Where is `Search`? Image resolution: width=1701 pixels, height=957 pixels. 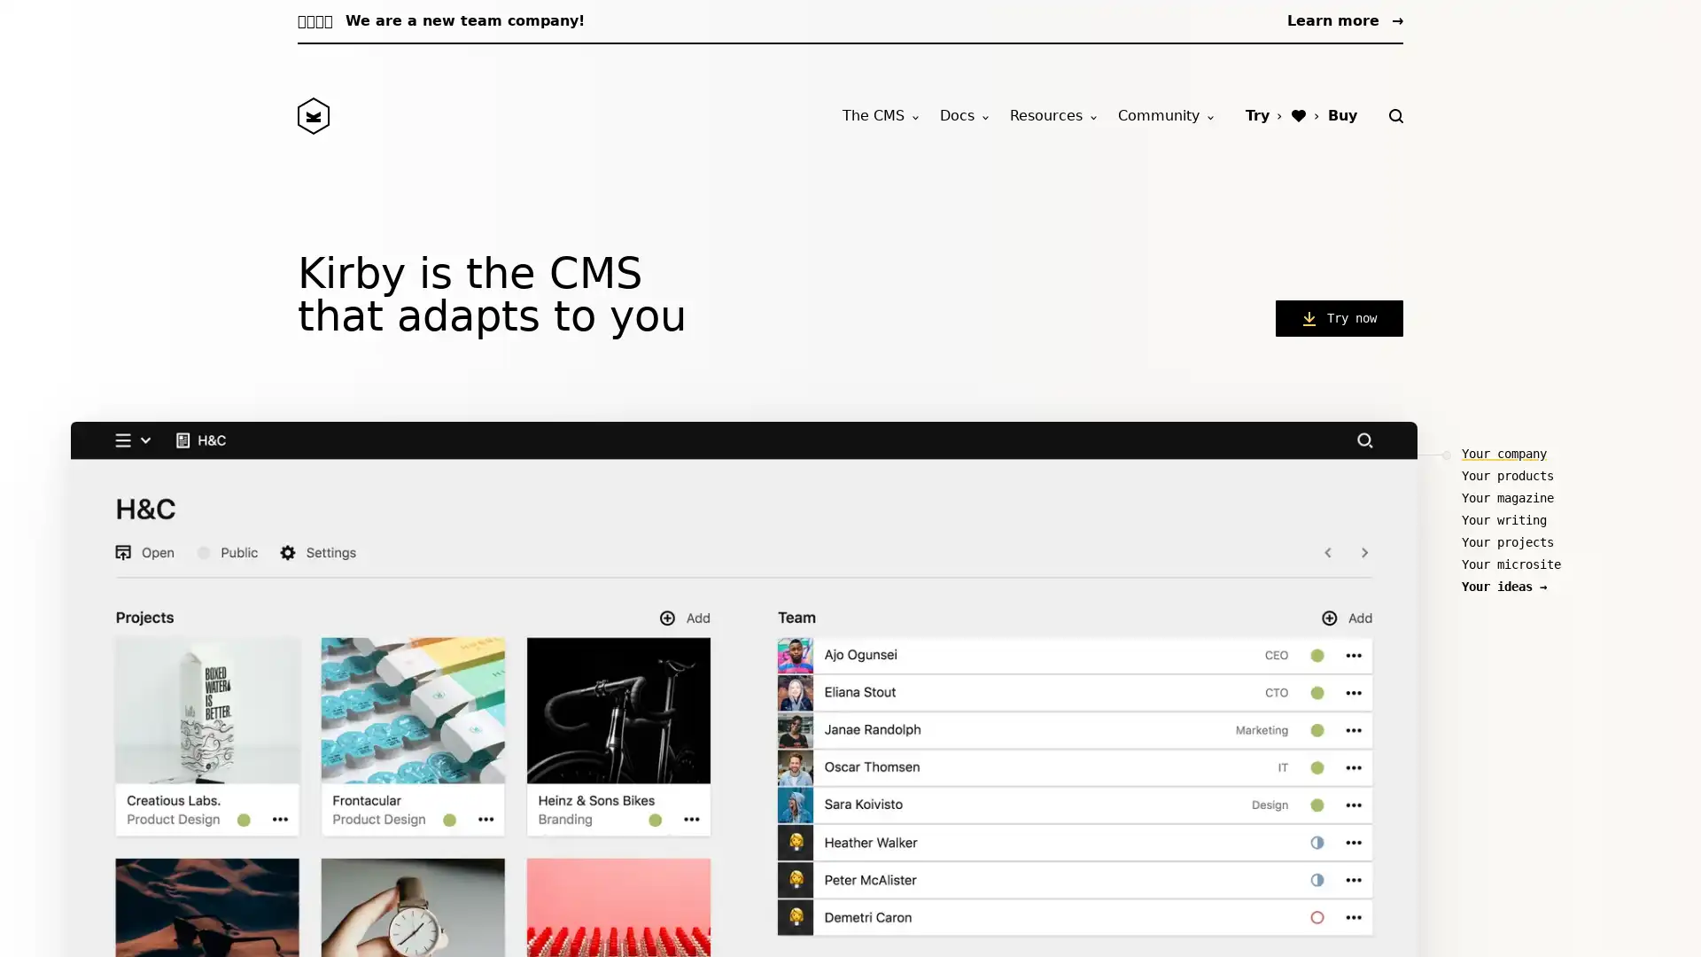
Search is located at coordinates (1394, 116).